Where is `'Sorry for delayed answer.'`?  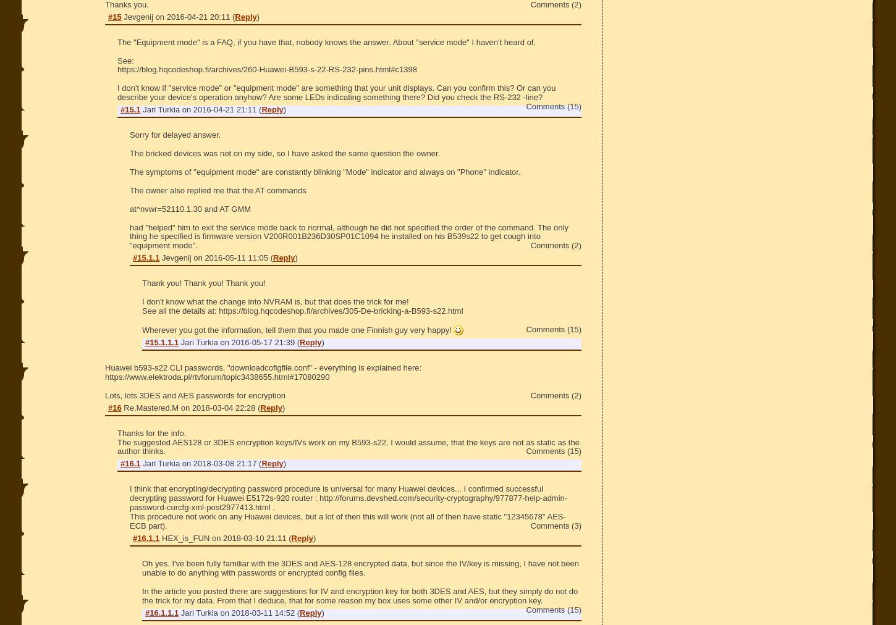 'Sorry for delayed answer.' is located at coordinates (175, 135).